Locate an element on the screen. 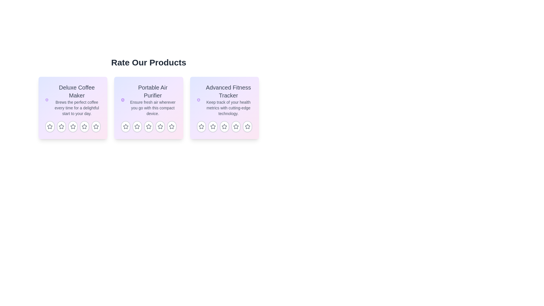  keyboard navigation is located at coordinates (224, 100).